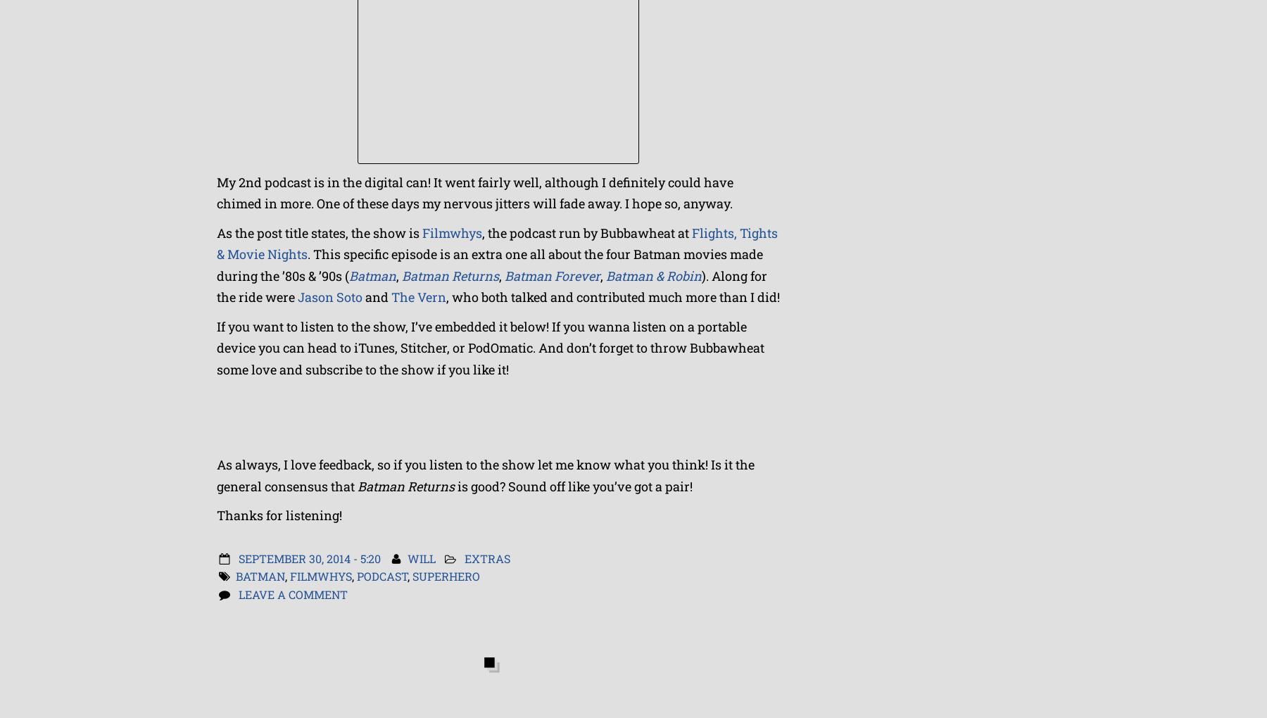 This screenshot has width=1267, height=718. I want to click on 'Superhero', so click(412, 576).